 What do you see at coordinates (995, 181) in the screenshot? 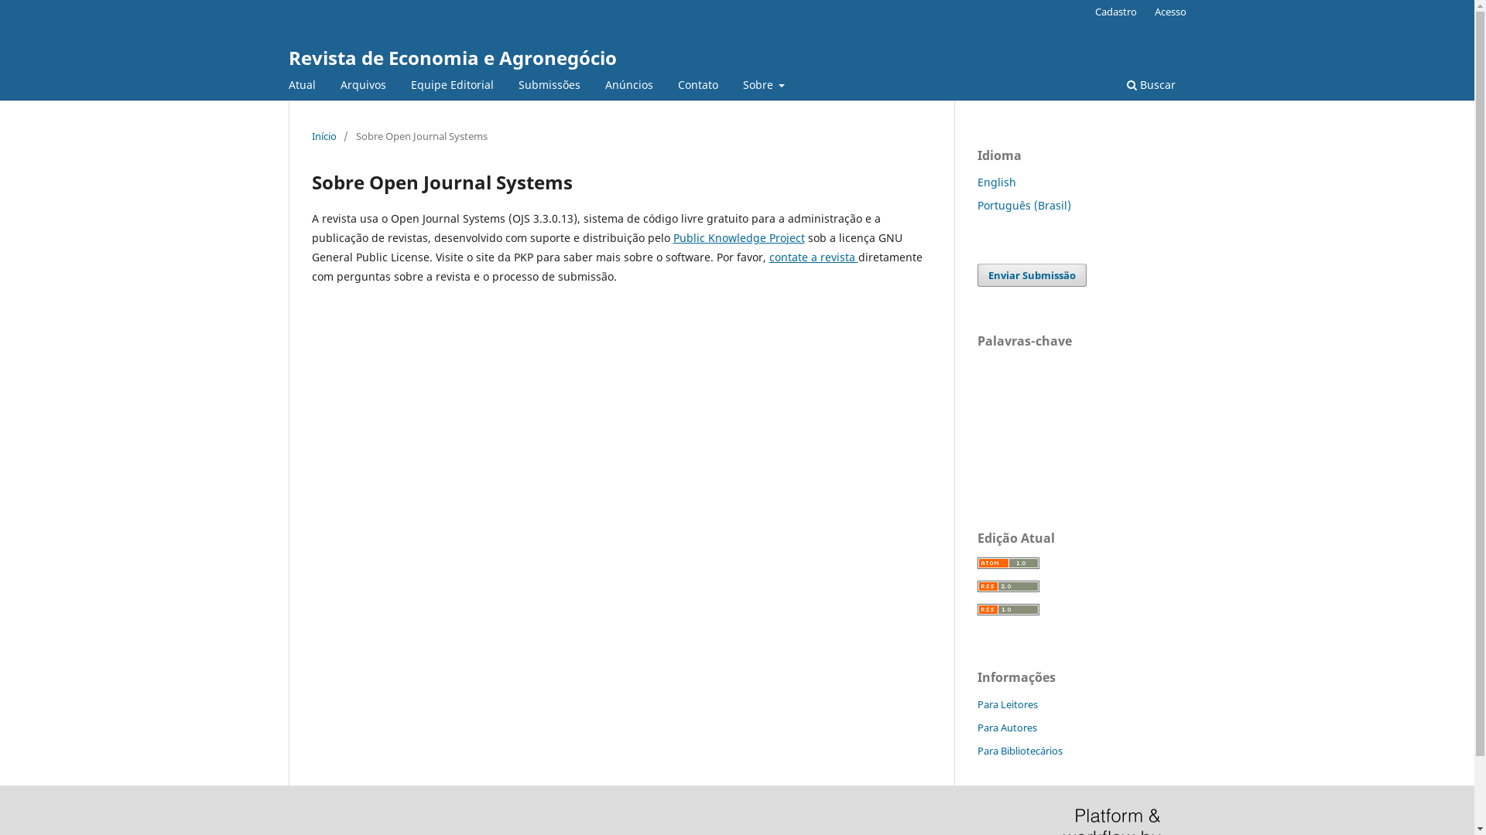
I see `'English'` at bounding box center [995, 181].